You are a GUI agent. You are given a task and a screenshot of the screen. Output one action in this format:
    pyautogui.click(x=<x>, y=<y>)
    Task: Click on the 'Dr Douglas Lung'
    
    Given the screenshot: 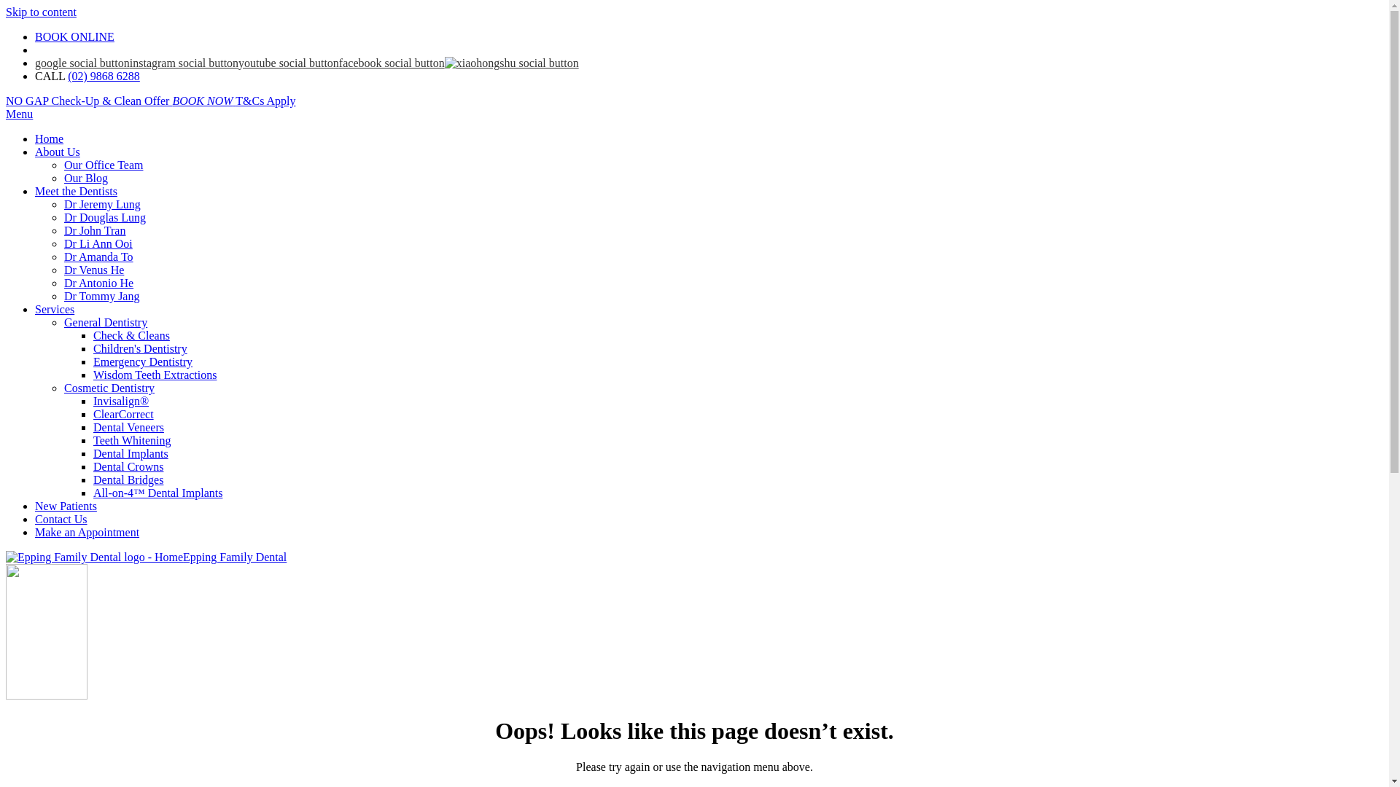 What is the action you would take?
    pyautogui.click(x=63, y=217)
    